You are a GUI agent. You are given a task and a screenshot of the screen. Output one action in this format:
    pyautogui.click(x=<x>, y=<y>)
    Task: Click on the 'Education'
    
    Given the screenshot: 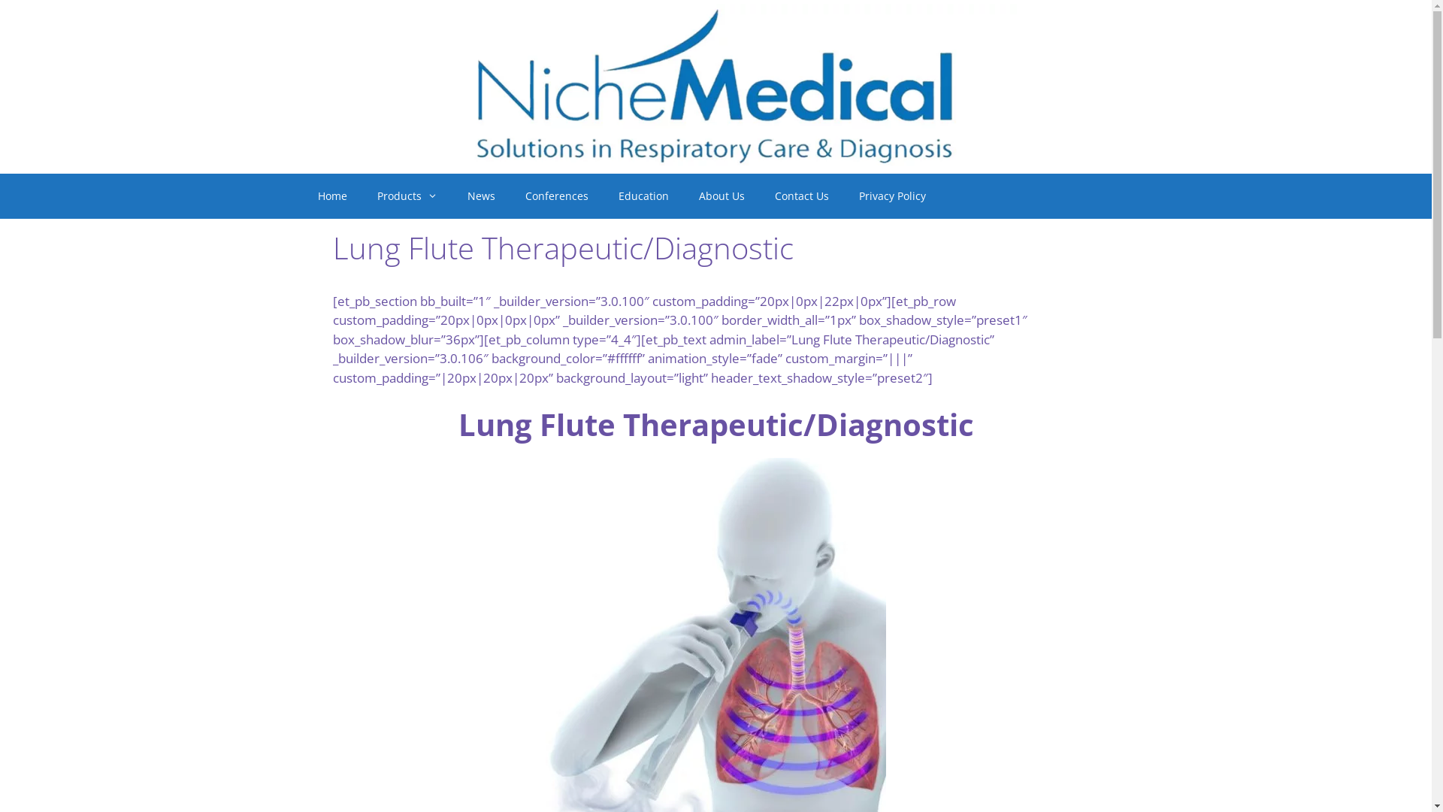 What is the action you would take?
    pyautogui.click(x=643, y=195)
    